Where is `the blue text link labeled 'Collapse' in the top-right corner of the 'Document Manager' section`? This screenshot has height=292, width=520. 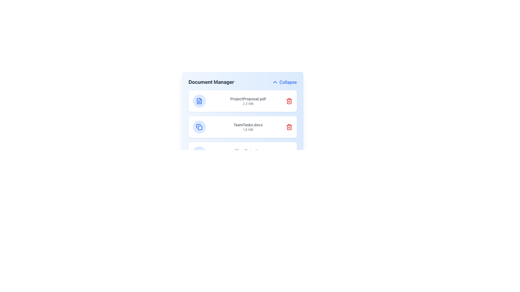
the blue text link labeled 'Collapse' in the top-right corner of the 'Document Manager' section is located at coordinates (284, 82).